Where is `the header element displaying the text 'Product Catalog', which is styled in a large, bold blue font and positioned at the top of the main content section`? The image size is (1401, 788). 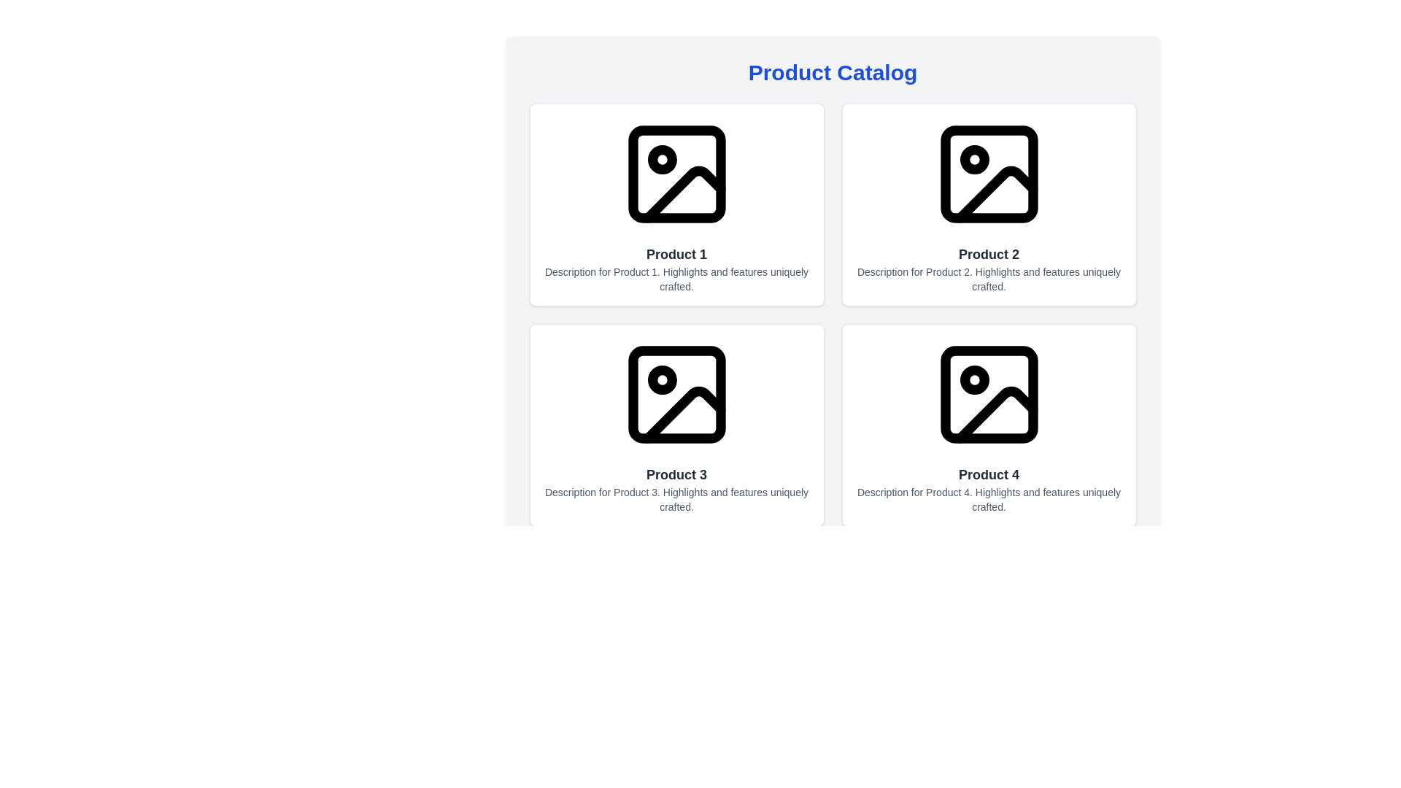 the header element displaying the text 'Product Catalog', which is styled in a large, bold blue font and positioned at the top of the main content section is located at coordinates (833, 73).